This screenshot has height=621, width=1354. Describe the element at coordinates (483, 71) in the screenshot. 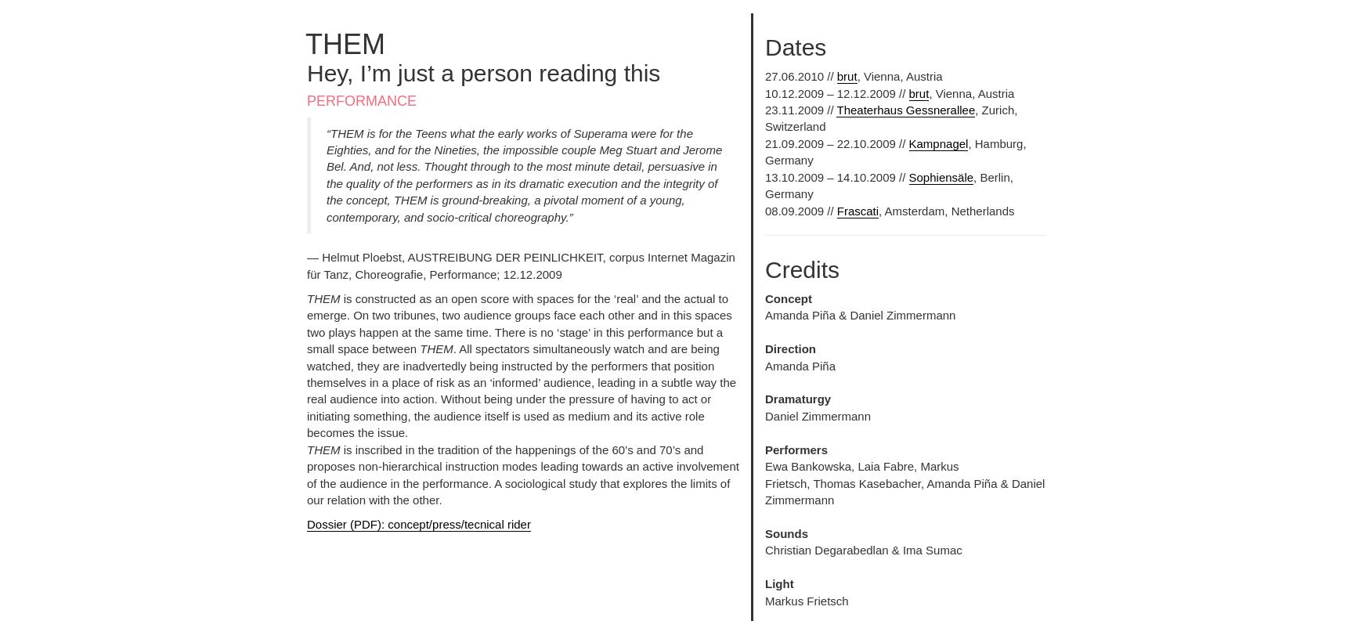

I see `'Hey, I’m just a person reading this'` at that location.